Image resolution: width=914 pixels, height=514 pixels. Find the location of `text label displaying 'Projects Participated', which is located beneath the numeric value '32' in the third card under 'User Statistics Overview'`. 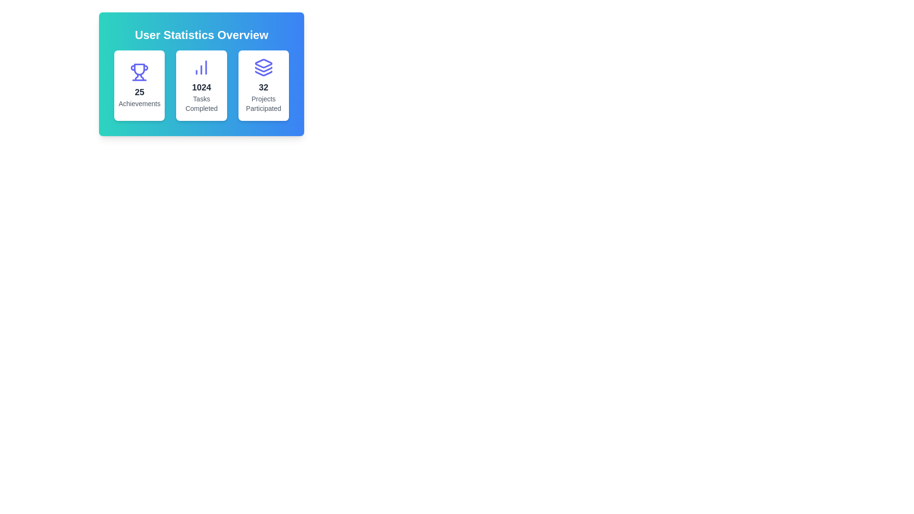

text label displaying 'Projects Participated', which is located beneath the numeric value '32' in the third card under 'User Statistics Overview' is located at coordinates (263, 104).